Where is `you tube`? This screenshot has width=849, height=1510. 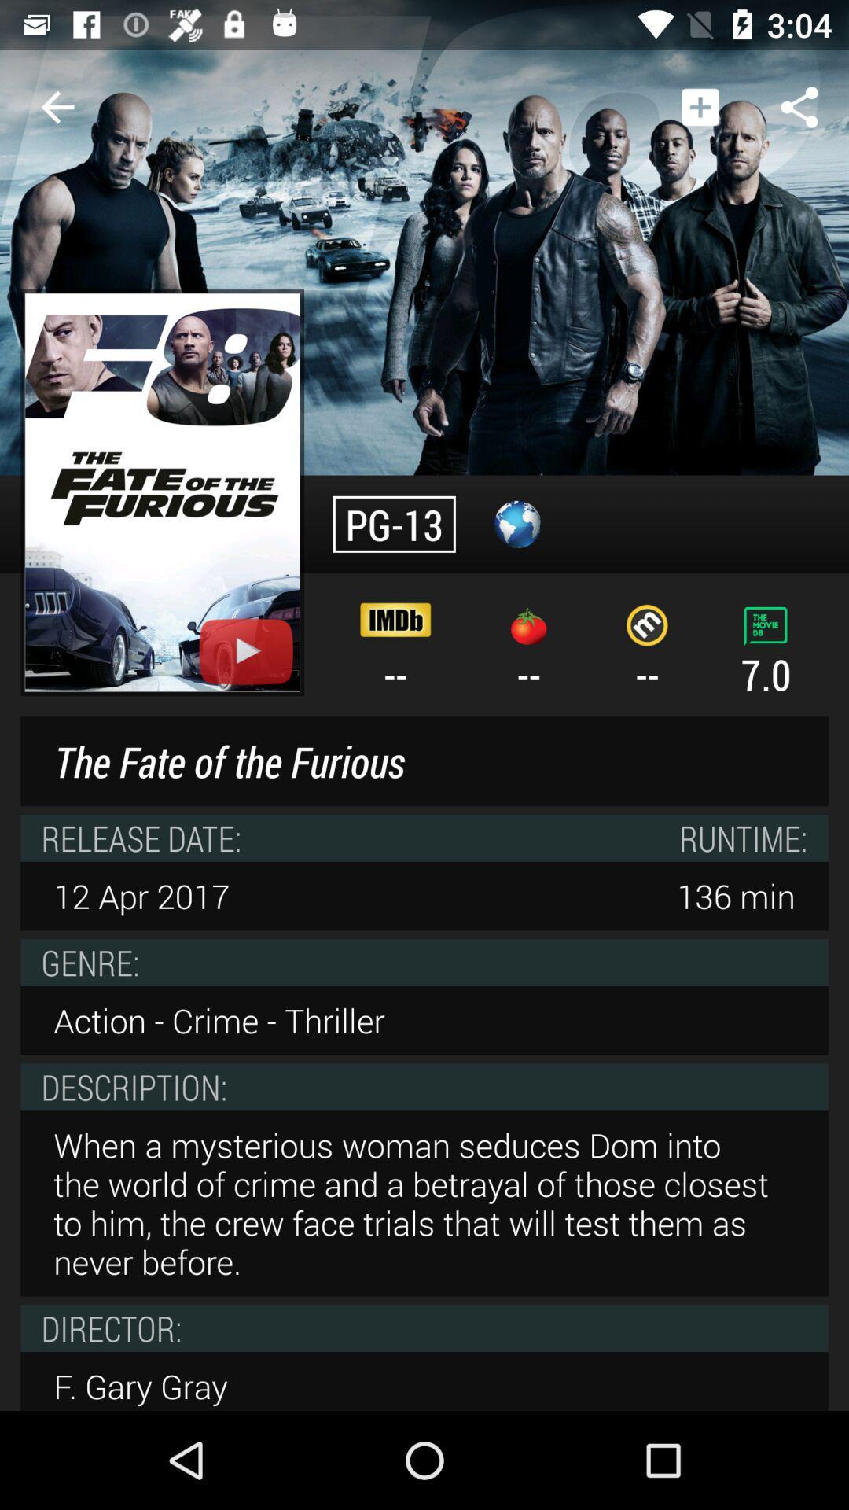
you tube is located at coordinates (246, 651).